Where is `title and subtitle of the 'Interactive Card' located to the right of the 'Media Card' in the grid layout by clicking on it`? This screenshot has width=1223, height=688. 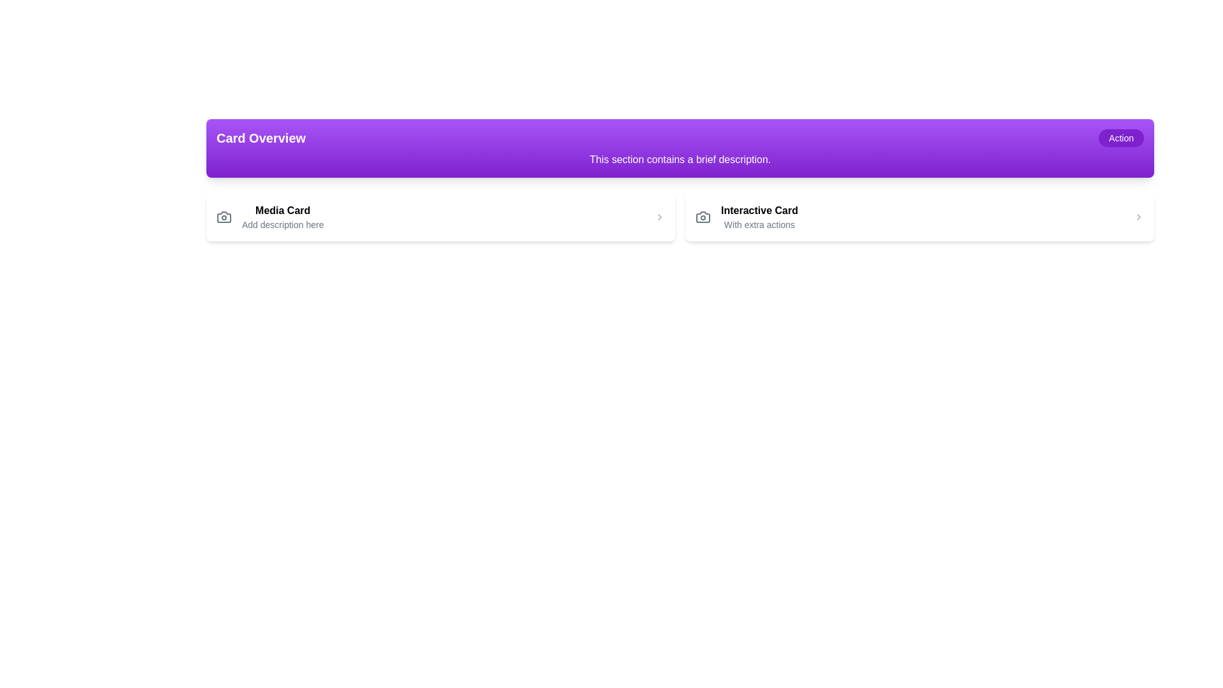
title and subtitle of the 'Interactive Card' located to the right of the 'Media Card' in the grid layout by clicking on it is located at coordinates (920, 216).